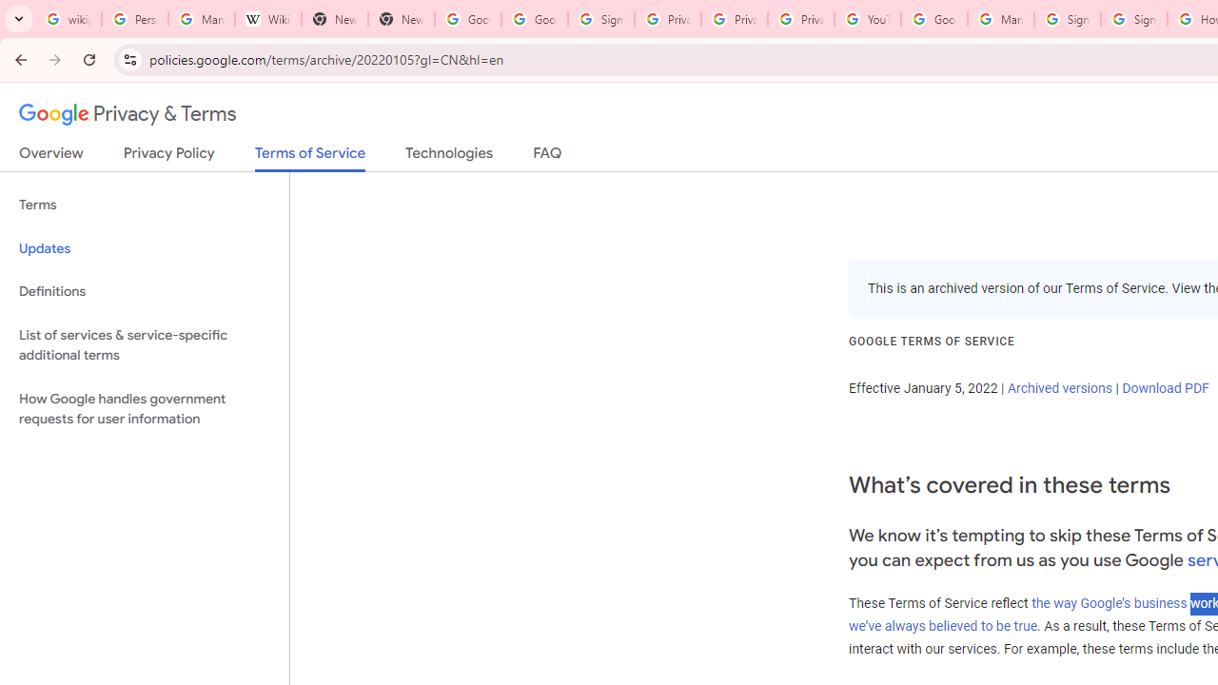 The width and height of the screenshot is (1218, 685). What do you see at coordinates (400, 19) in the screenshot?
I see `'New Tab'` at bounding box center [400, 19].